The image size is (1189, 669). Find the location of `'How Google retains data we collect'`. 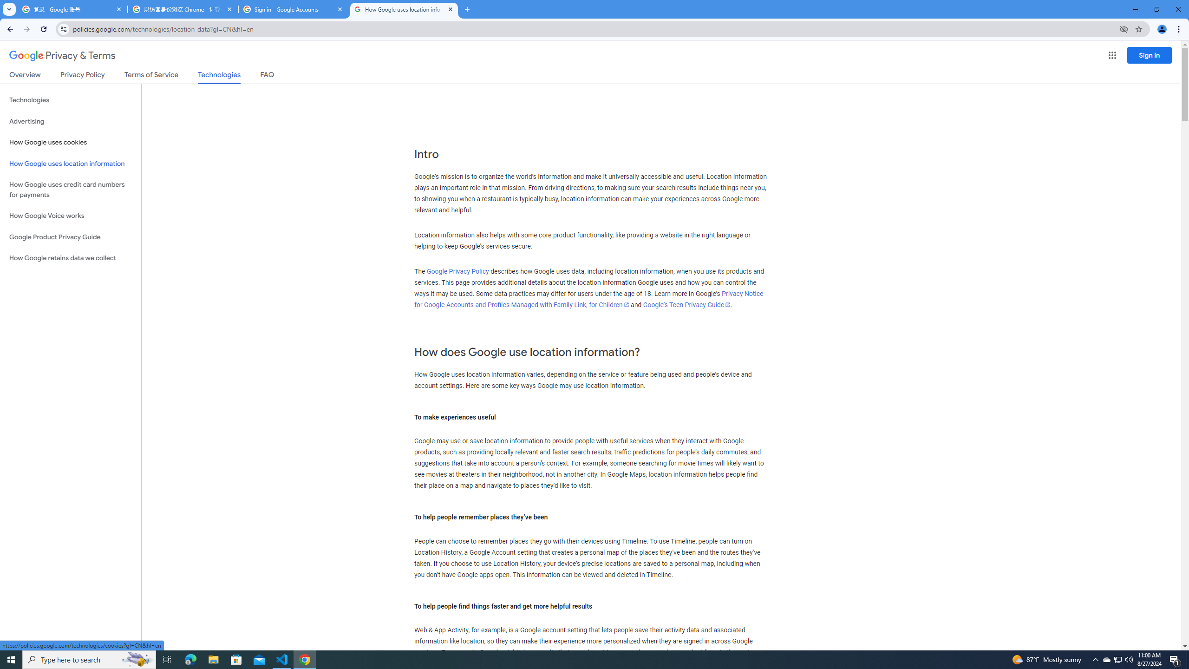

'How Google retains data we collect' is located at coordinates (70, 258).